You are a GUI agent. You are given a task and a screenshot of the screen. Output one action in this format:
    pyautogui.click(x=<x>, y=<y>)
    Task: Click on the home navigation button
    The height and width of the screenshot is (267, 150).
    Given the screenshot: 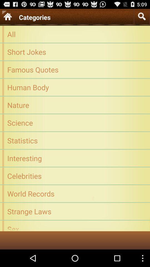 What is the action you would take?
    pyautogui.click(x=7, y=16)
    